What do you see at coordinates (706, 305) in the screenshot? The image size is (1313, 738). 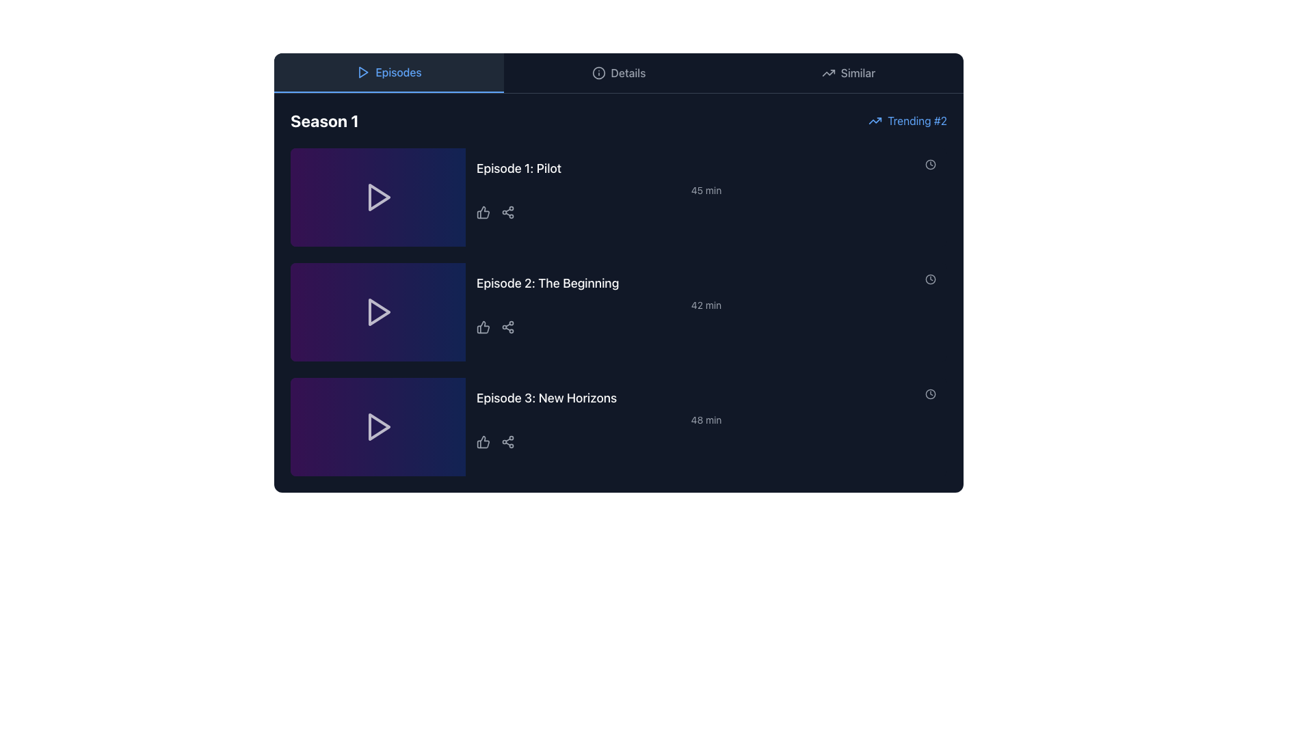 I see `the text label displaying '42 min', which is styled in a small, gray font and located in the second episode listing under 'Season 1', adjacent to 'Episode 2: The Beginning'` at bounding box center [706, 305].